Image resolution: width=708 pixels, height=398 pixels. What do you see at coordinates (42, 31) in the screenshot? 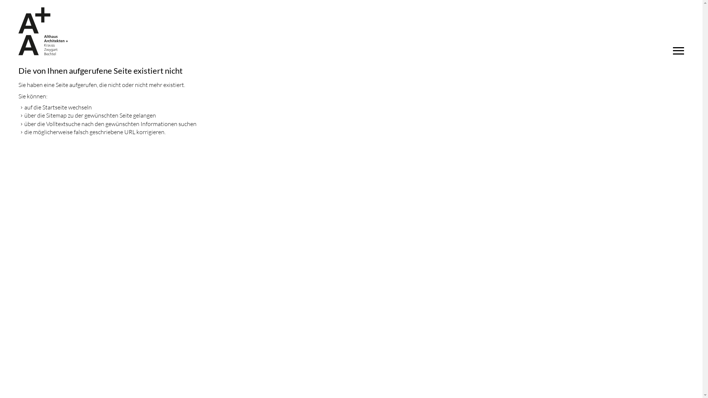
I see `'Zur Startseite'` at bounding box center [42, 31].